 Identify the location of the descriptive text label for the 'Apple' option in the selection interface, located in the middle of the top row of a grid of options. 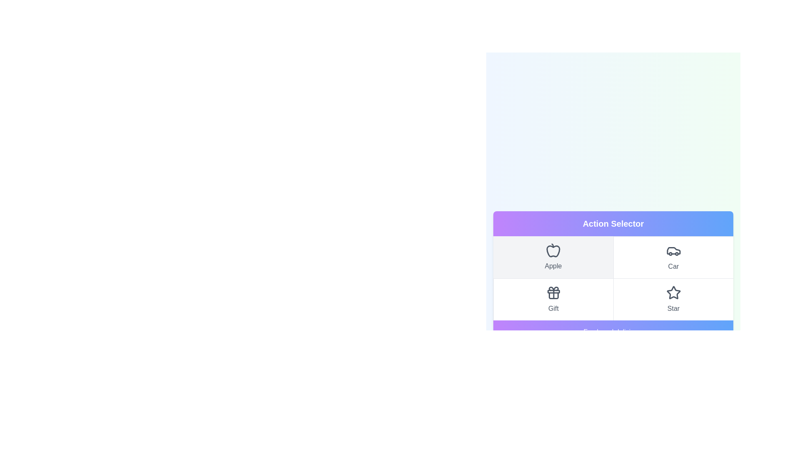
(553, 266).